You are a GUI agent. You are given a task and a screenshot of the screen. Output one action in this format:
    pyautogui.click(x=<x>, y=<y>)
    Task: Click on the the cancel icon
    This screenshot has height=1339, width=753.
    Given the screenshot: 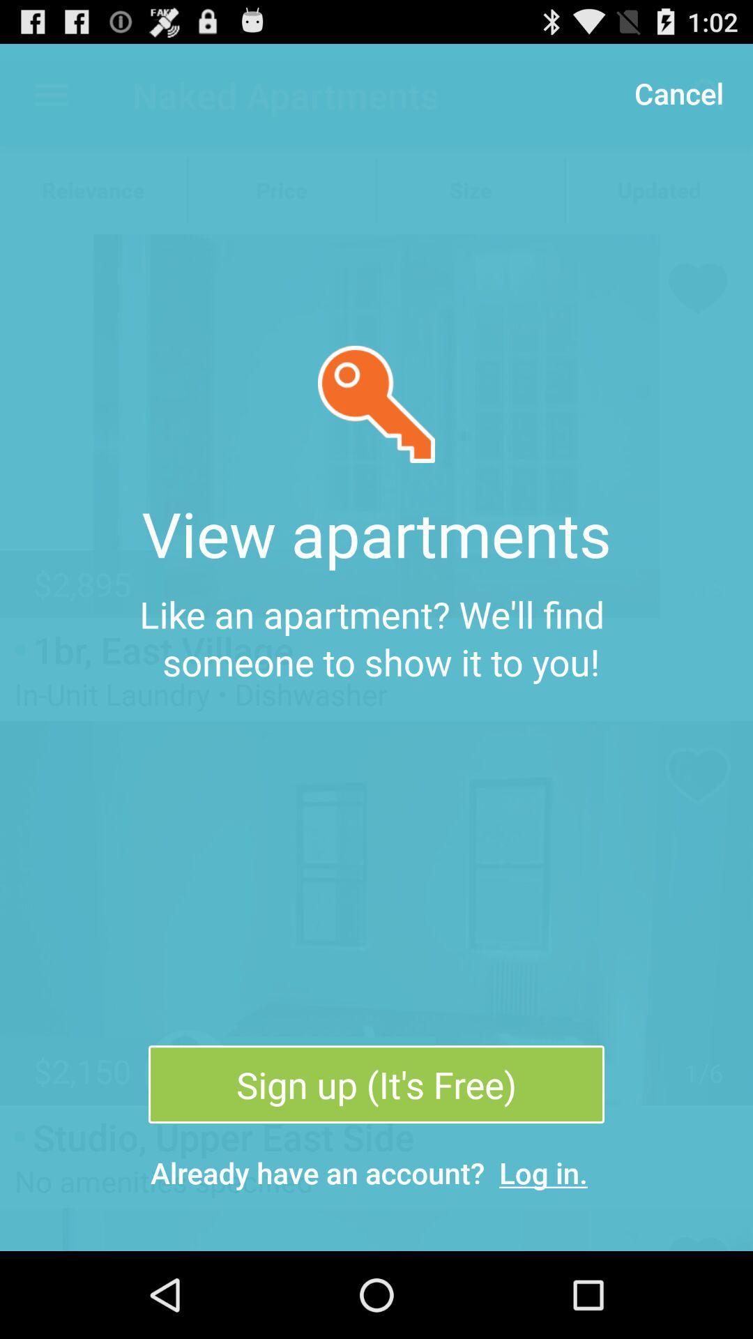 What is the action you would take?
    pyautogui.click(x=678, y=92)
    